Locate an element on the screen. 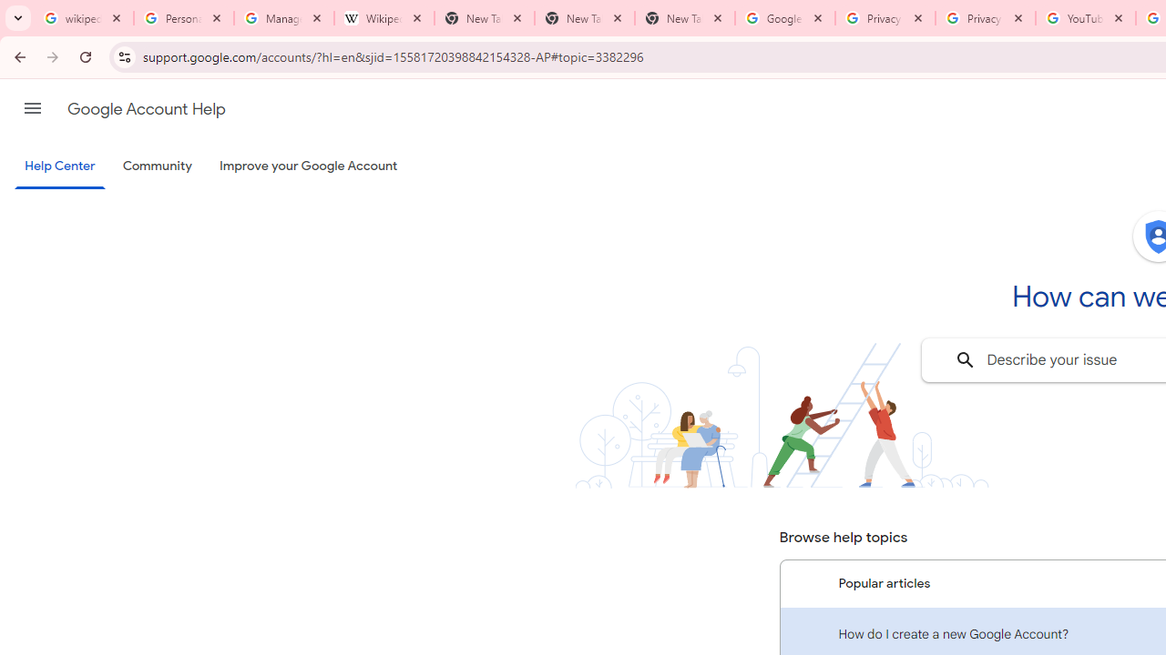  'Google Account Help' is located at coordinates (146, 108).